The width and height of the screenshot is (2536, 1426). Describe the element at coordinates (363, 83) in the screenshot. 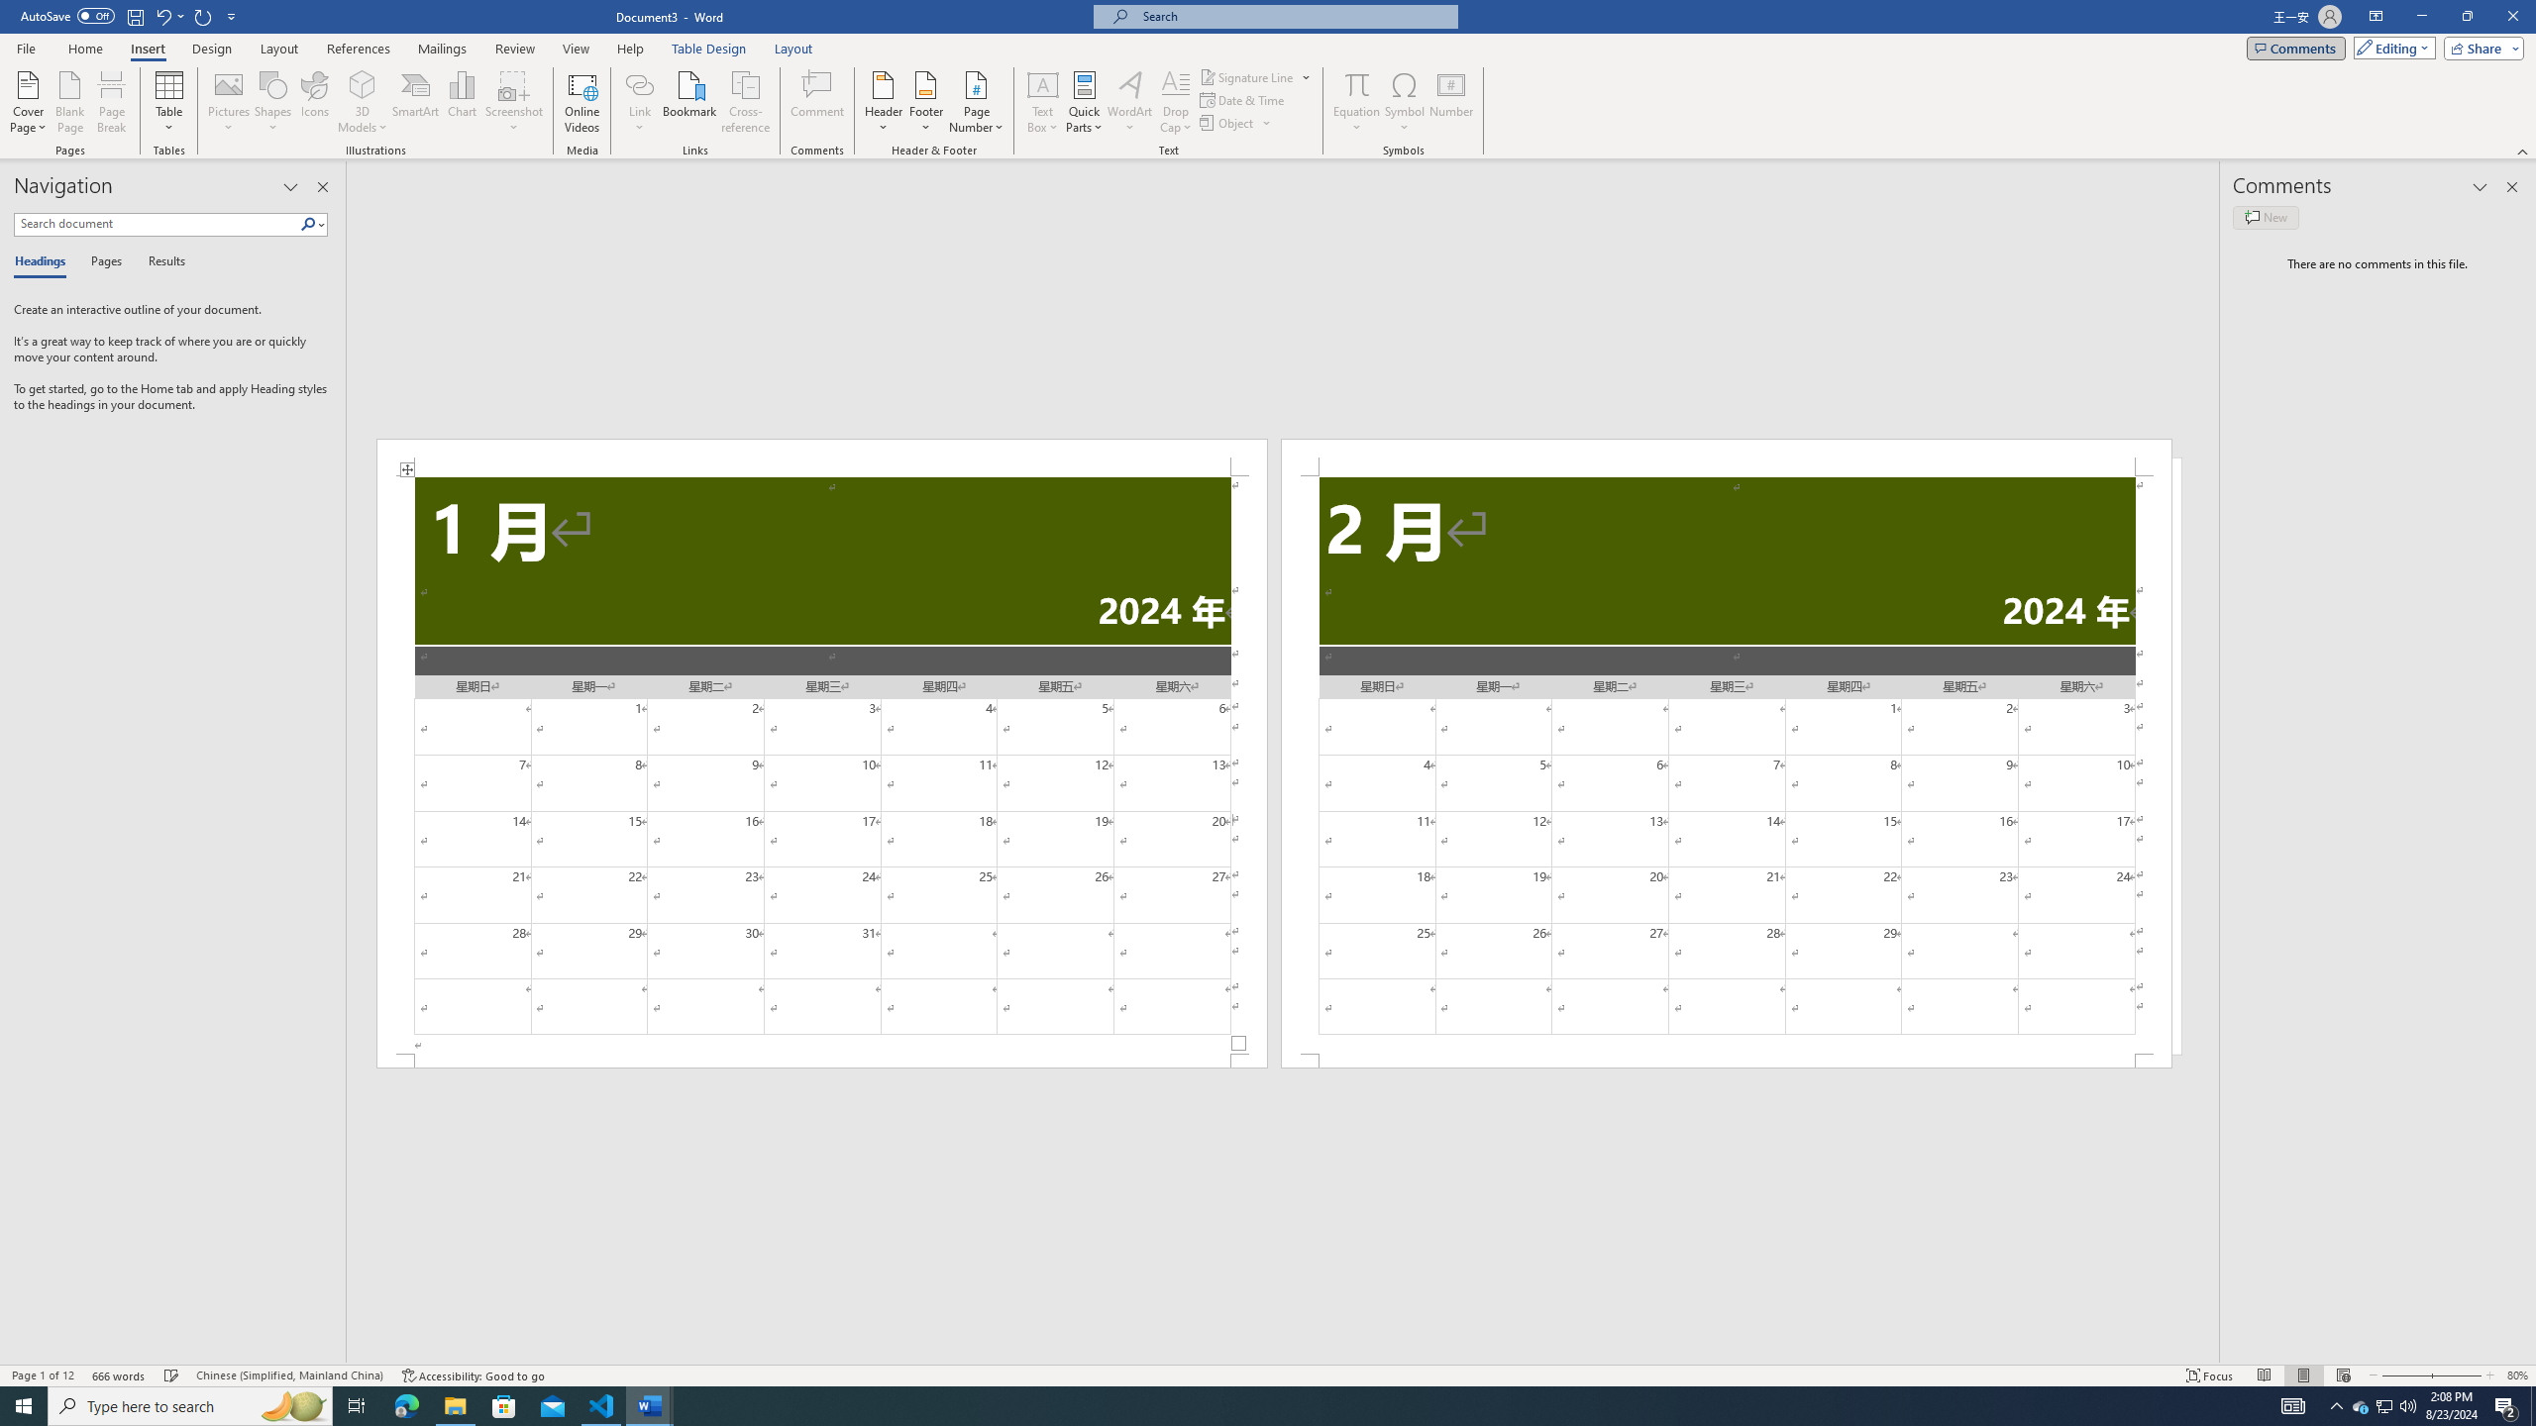

I see `'3D Models'` at that location.